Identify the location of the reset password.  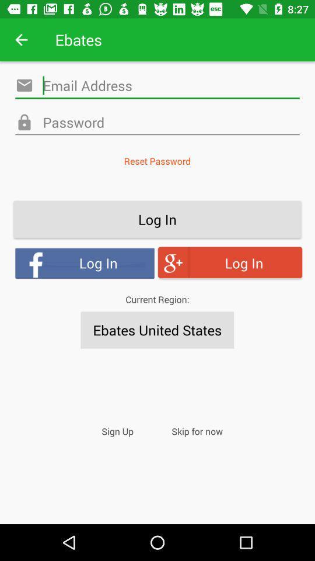
(157, 160).